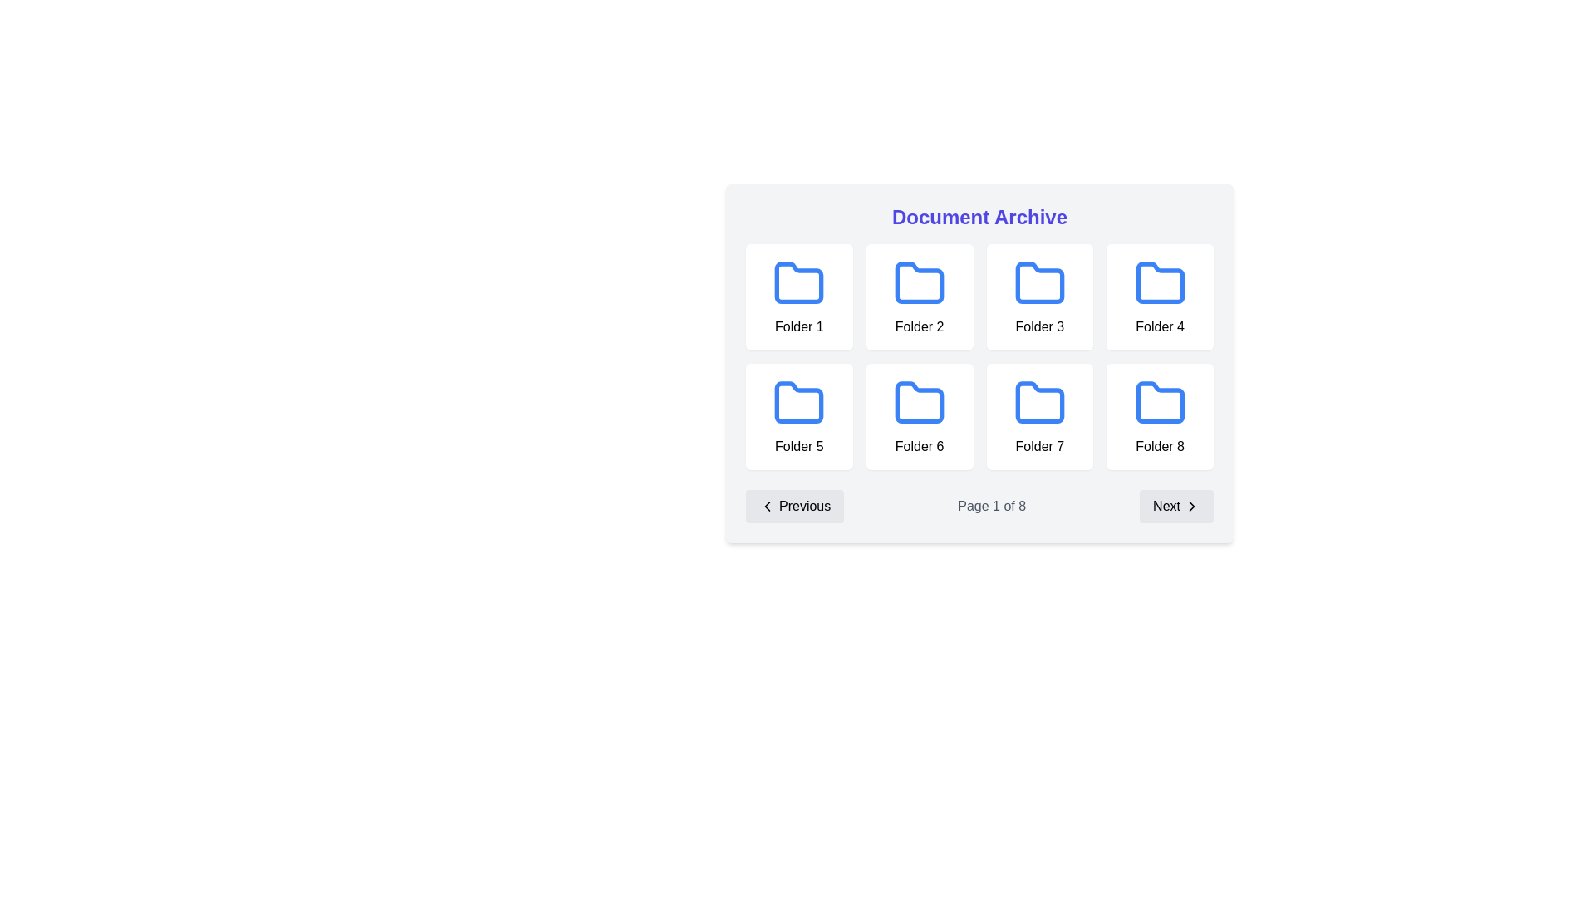 Image resolution: width=1595 pixels, height=897 pixels. What do you see at coordinates (919, 326) in the screenshot?
I see `text label displaying 'Folder 2' which is centered below the blue folder icon in the second tile of the top row in the grid layout` at bounding box center [919, 326].